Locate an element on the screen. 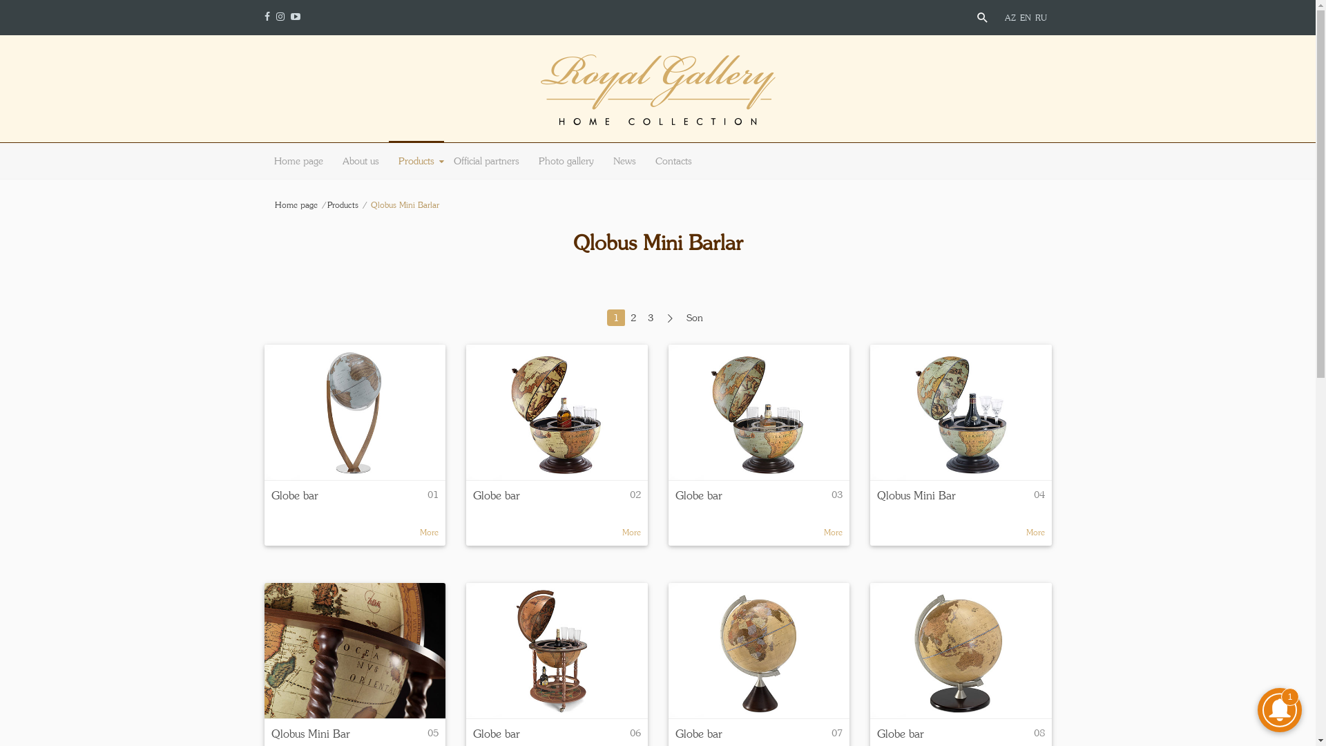  '3' is located at coordinates (648, 317).